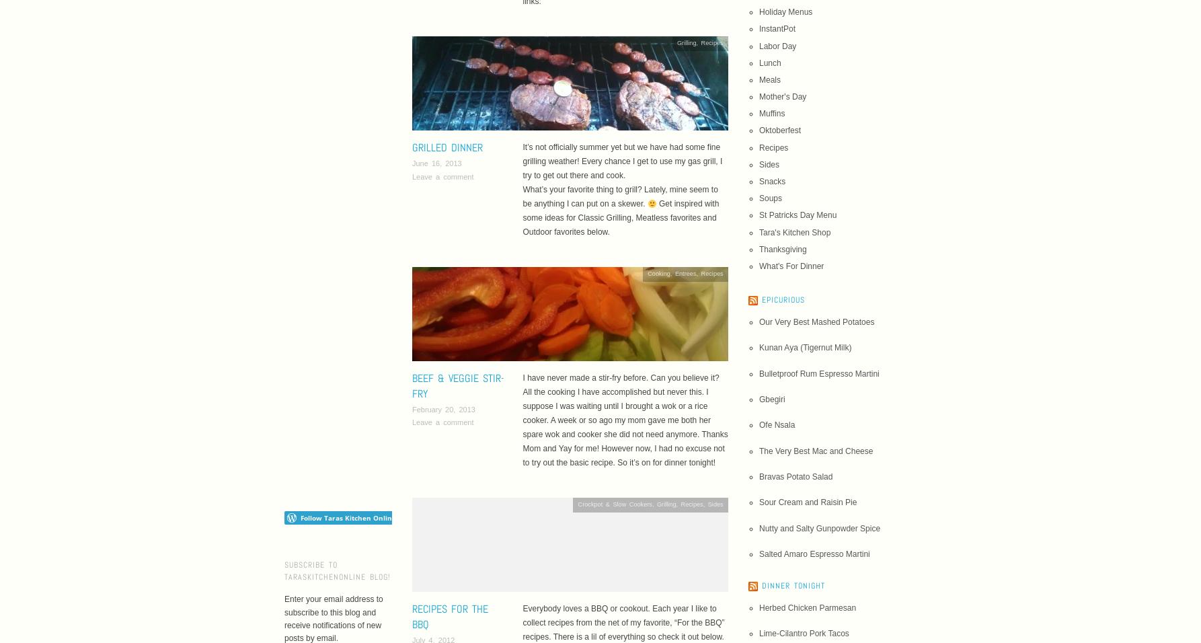 The width and height of the screenshot is (1201, 643). Describe the element at coordinates (785, 11) in the screenshot. I see `'Holiday Menus'` at that location.